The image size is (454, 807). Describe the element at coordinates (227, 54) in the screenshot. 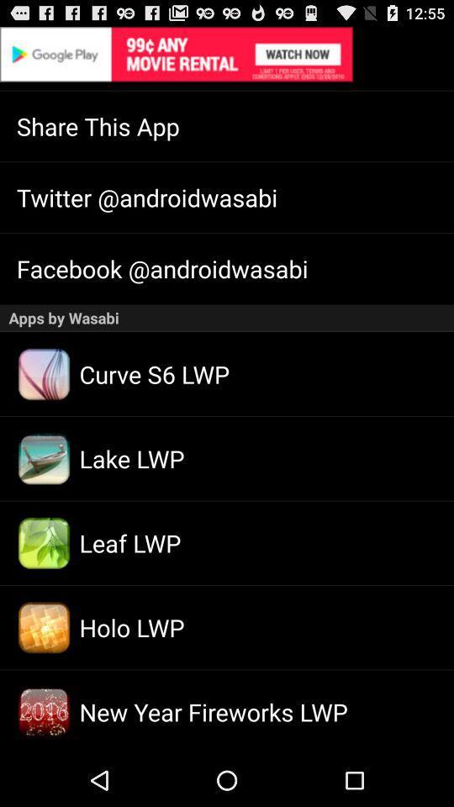

I see `advertisement` at that location.